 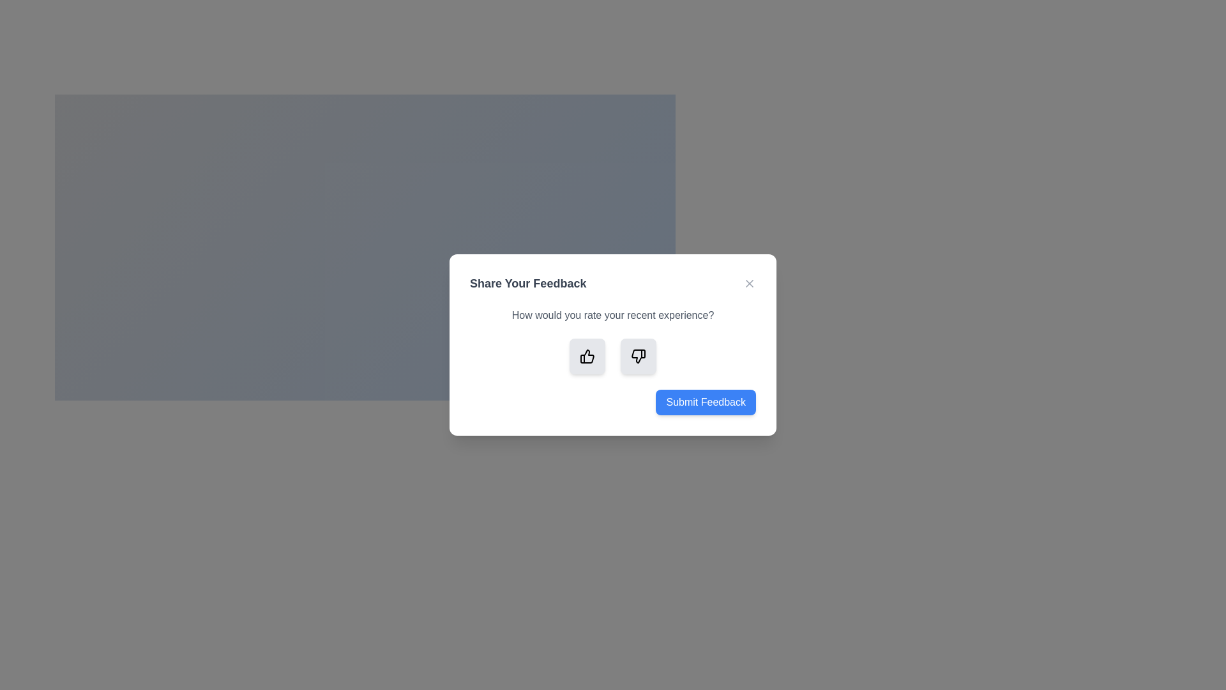 I want to click on the thumbs-down icon button, which is the second icon in a horizontal layout within a feedback modal, to register negative feedback, so click(x=638, y=356).